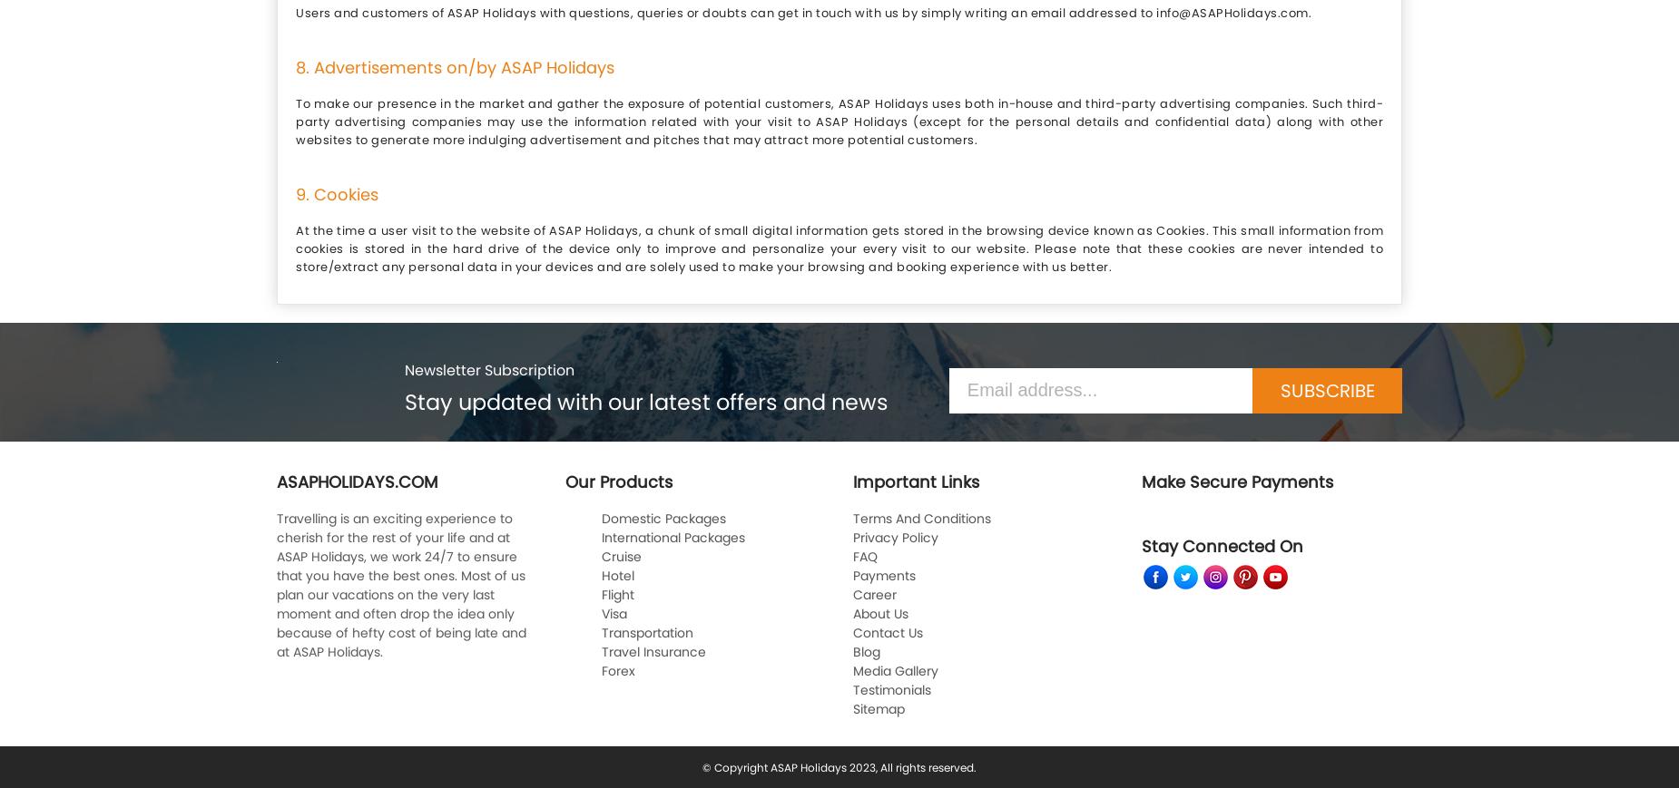 This screenshot has width=1679, height=788. I want to click on 'Cruise', so click(620, 555).